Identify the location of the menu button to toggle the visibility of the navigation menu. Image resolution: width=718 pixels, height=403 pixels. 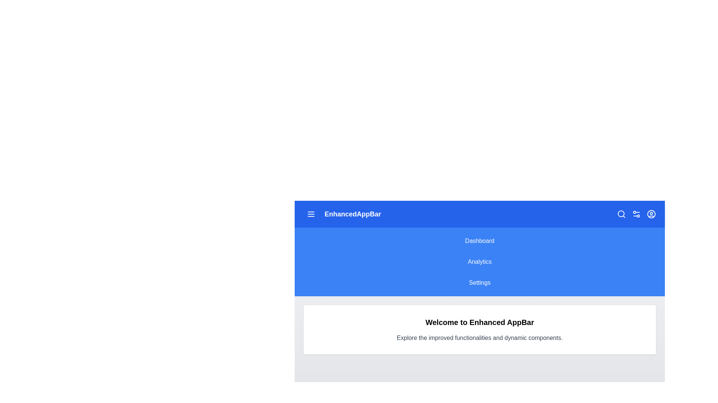
(311, 214).